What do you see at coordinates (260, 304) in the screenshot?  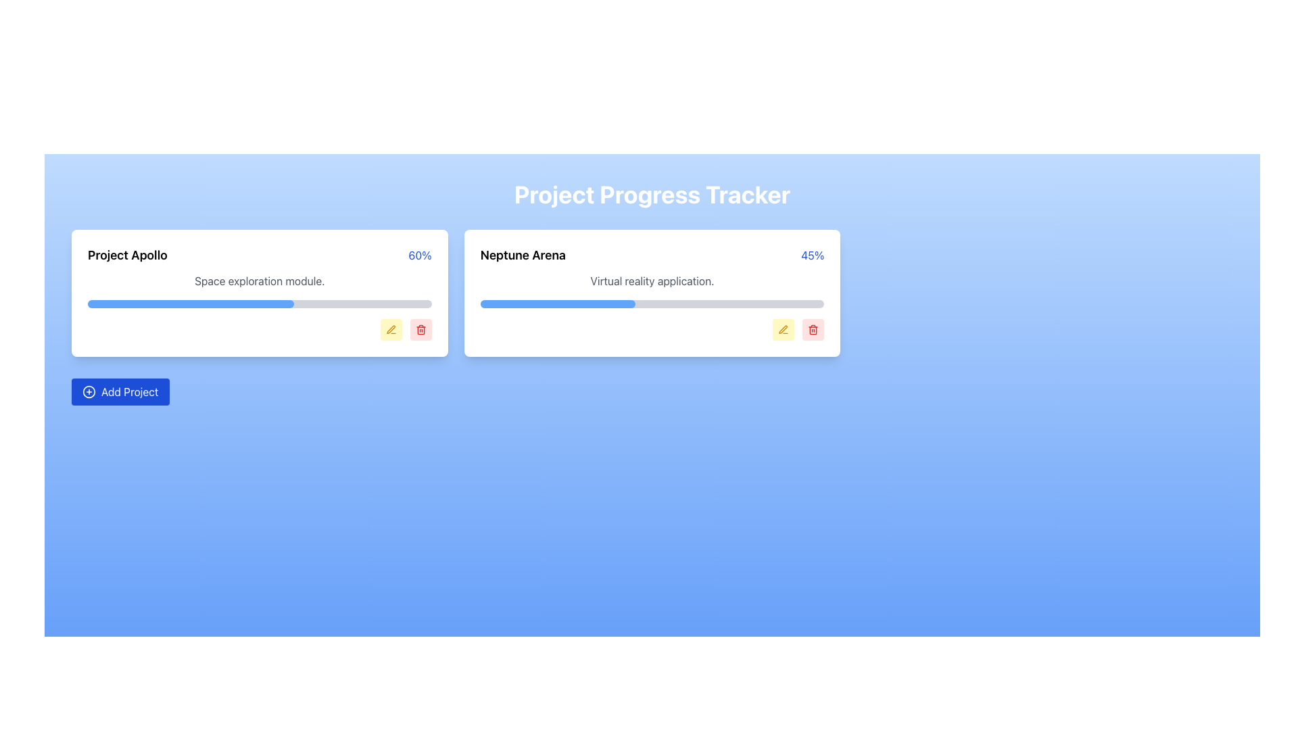 I see `the progress visually on the progress bar representing the completion percentage of the 'Project Apollo' project, located below the description text 'Space exploration module.'` at bounding box center [260, 304].